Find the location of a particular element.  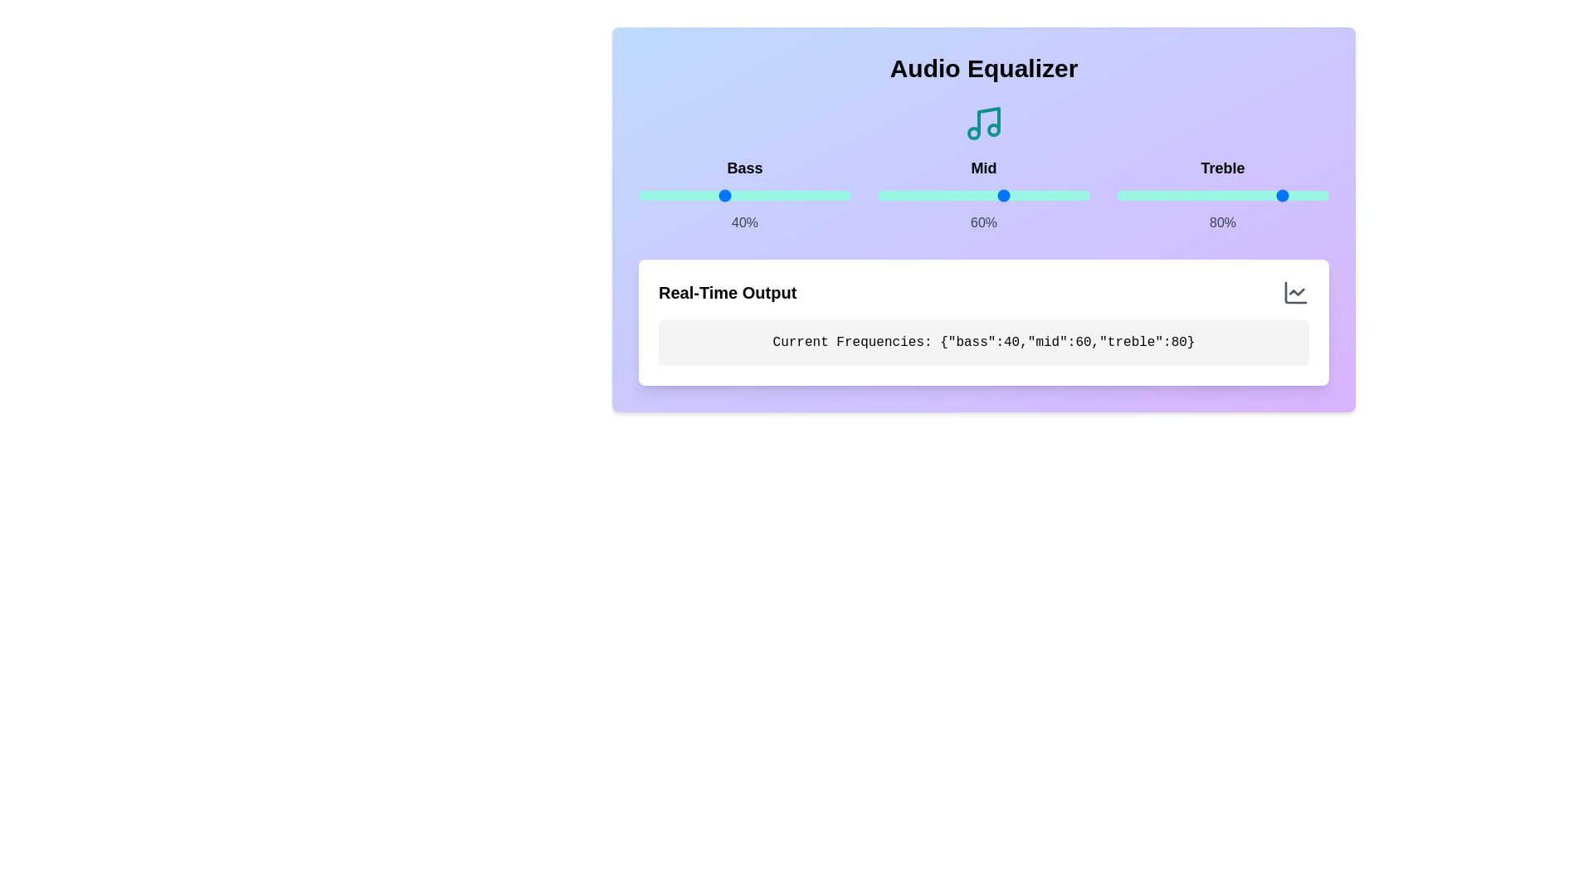

the 'Treble' slider is located at coordinates (1218, 194).